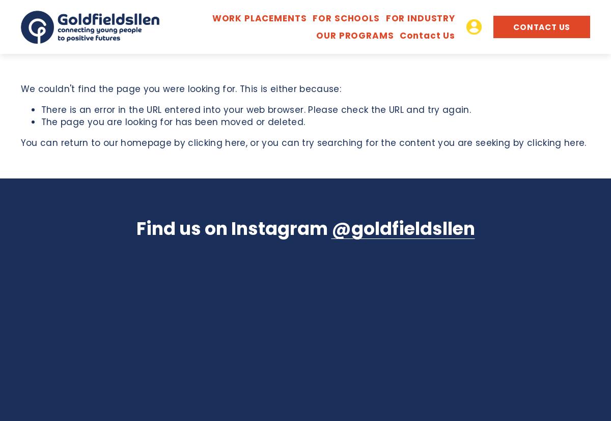  Describe the element at coordinates (385, 142) in the screenshot. I see `', or you can try searching for the
  content you are seeking by'` at that location.